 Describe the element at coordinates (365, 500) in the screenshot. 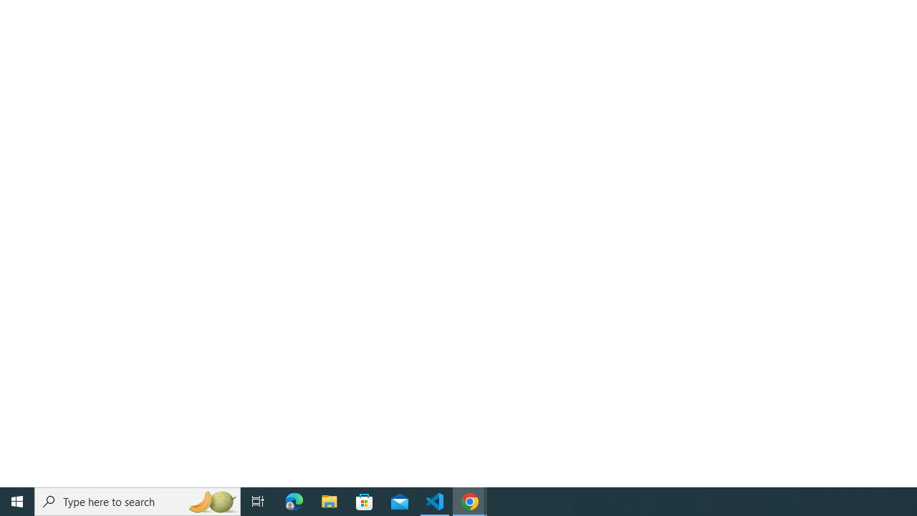

I see `'Microsoft Store'` at that location.